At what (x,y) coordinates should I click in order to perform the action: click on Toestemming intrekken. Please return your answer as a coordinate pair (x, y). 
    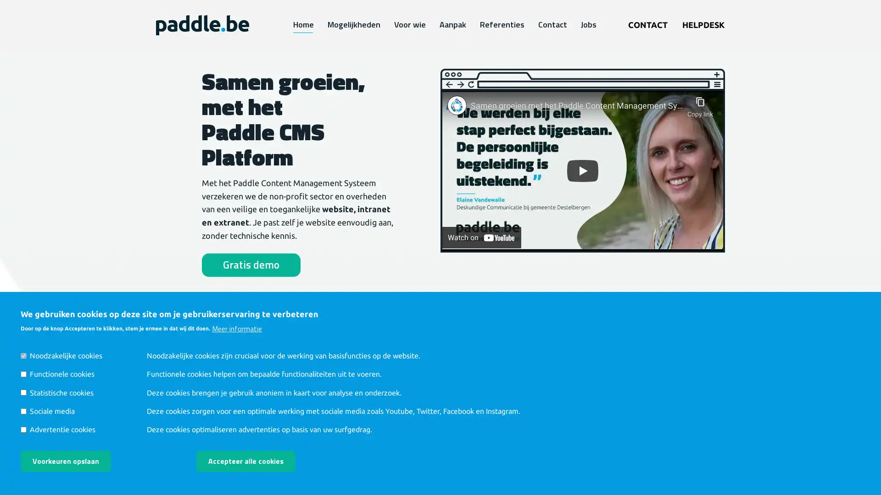
    Looking at the image, I should click on (332, 454).